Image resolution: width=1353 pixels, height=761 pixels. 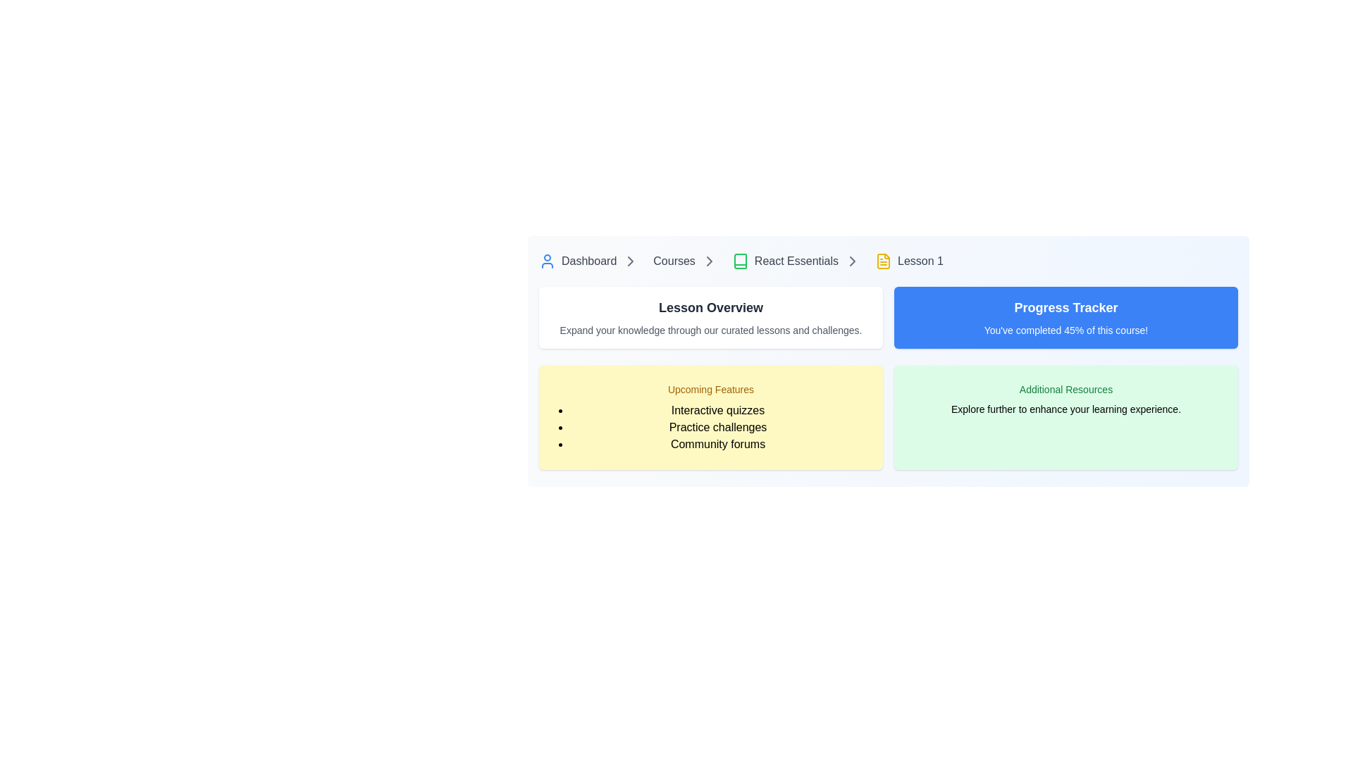 I want to click on displayed text in the blue rectangular 'Progress Tracker' area that shows the completion percentage of the course, so click(x=1065, y=318).